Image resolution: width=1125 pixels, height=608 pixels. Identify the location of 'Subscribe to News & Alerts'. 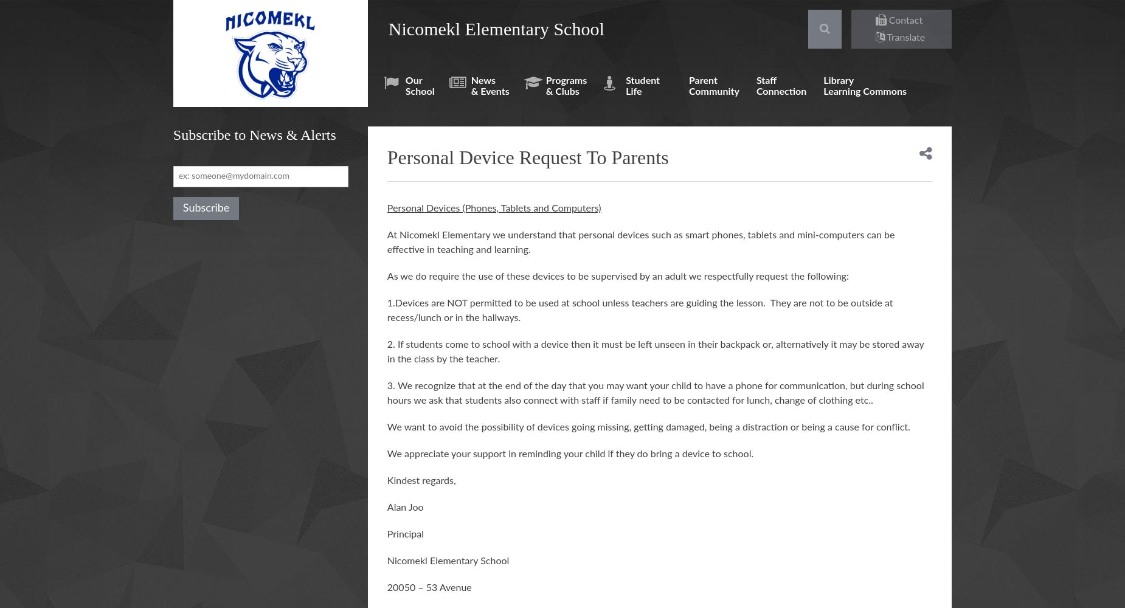
(253, 134).